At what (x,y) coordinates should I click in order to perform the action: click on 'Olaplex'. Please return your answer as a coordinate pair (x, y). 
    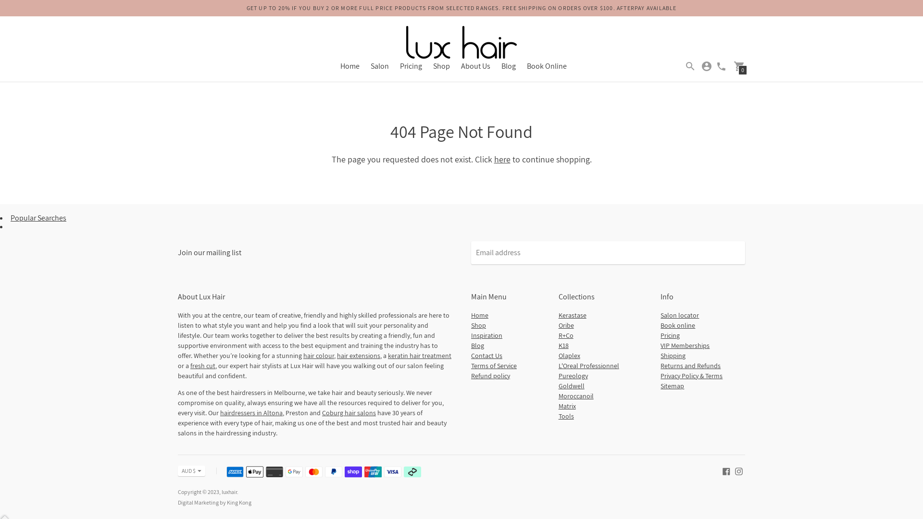
    Looking at the image, I should click on (558, 356).